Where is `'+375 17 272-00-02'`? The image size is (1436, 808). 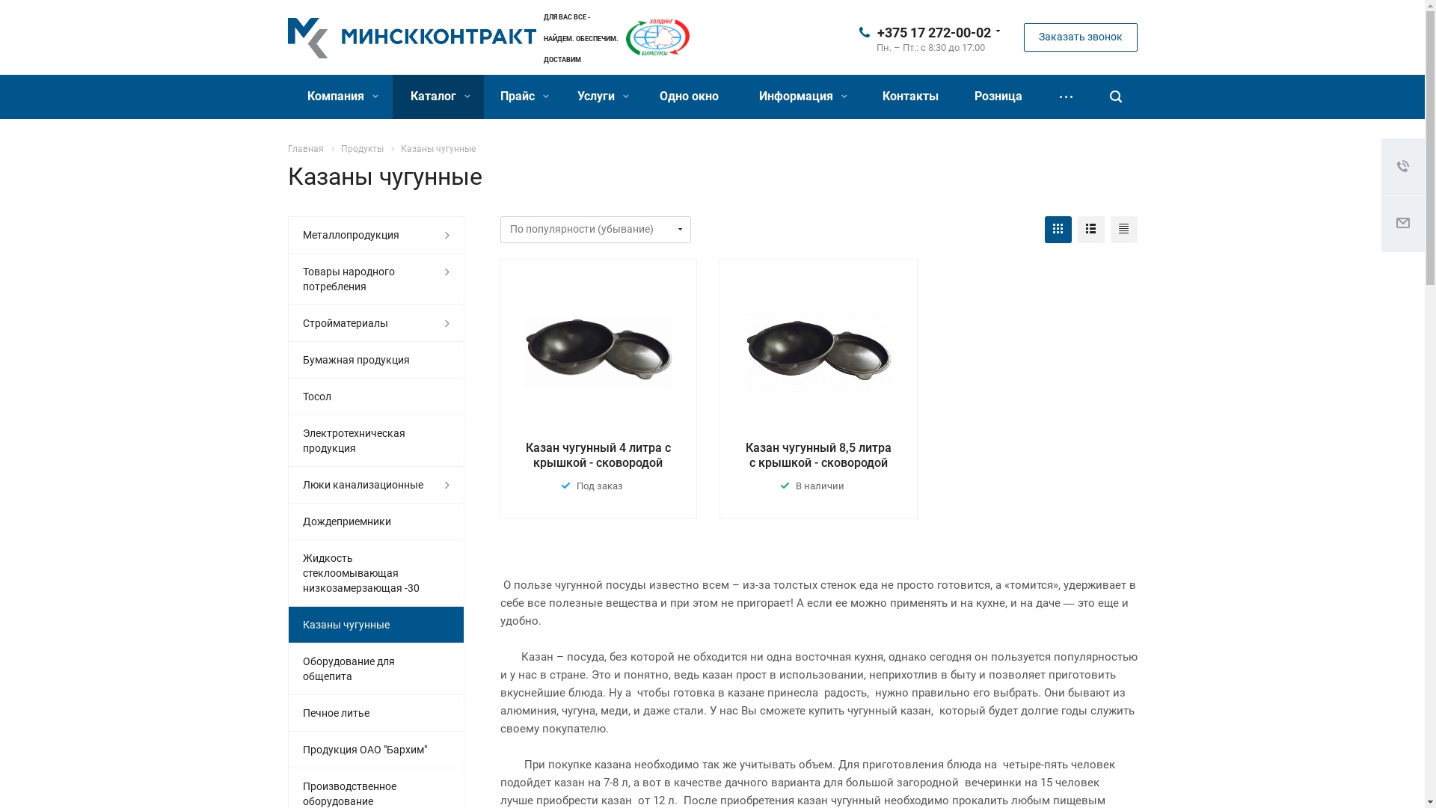 '+375 17 272-00-02' is located at coordinates (876, 31).